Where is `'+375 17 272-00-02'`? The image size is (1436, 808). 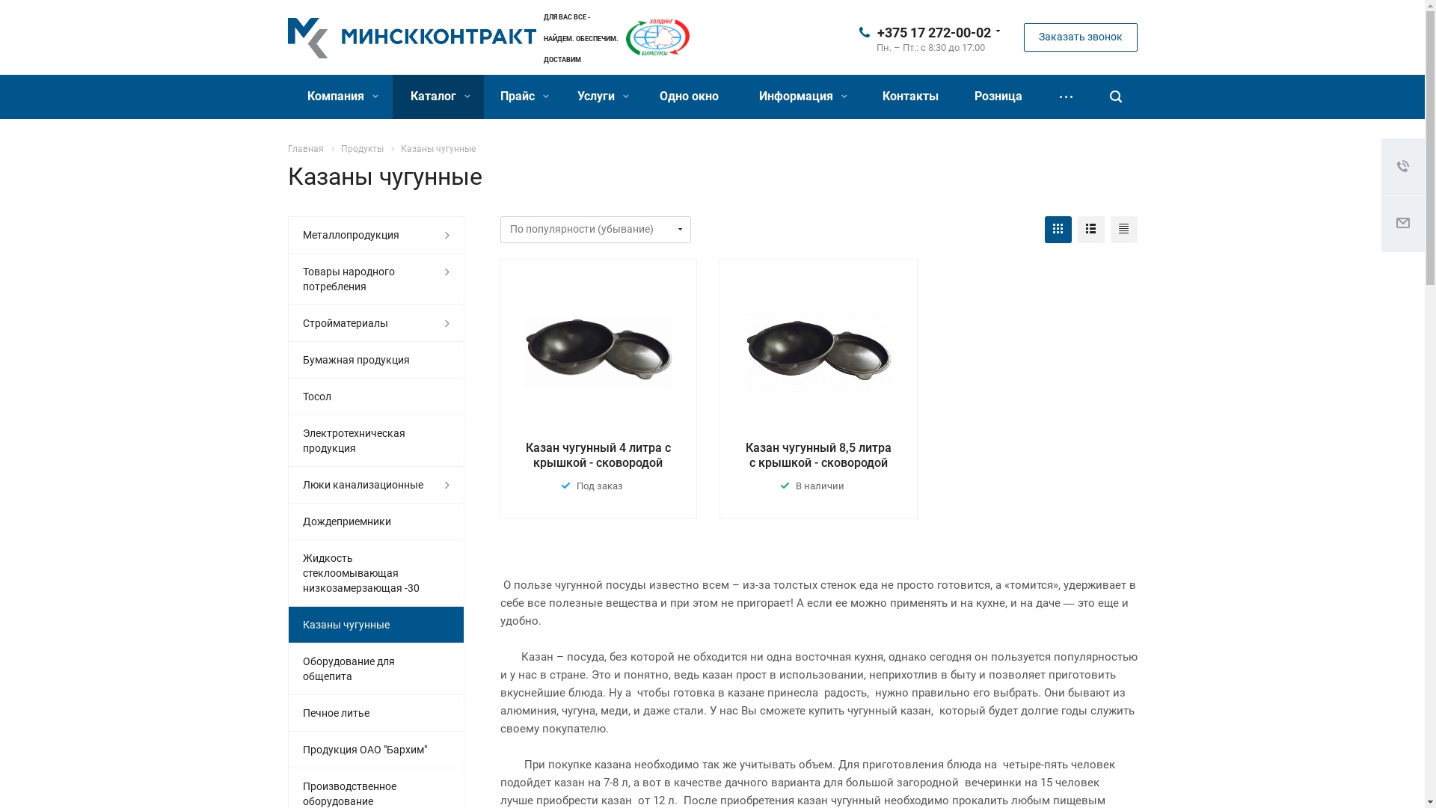 '+375 17 272-00-02' is located at coordinates (876, 31).